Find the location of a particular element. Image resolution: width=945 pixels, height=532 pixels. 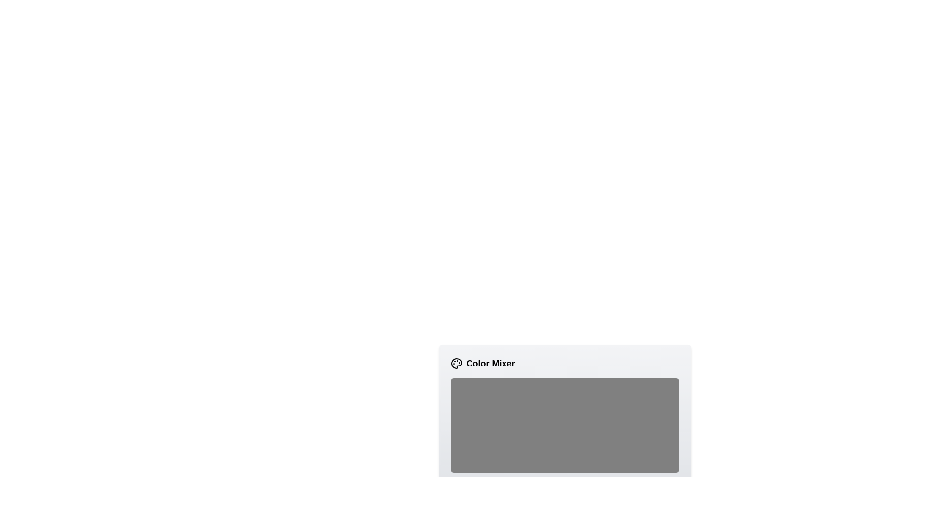

the palette icon, which is styled as a painter's palette with circular paint regions, located next to the 'Color Mixer' text in the header section is located at coordinates (456, 363).